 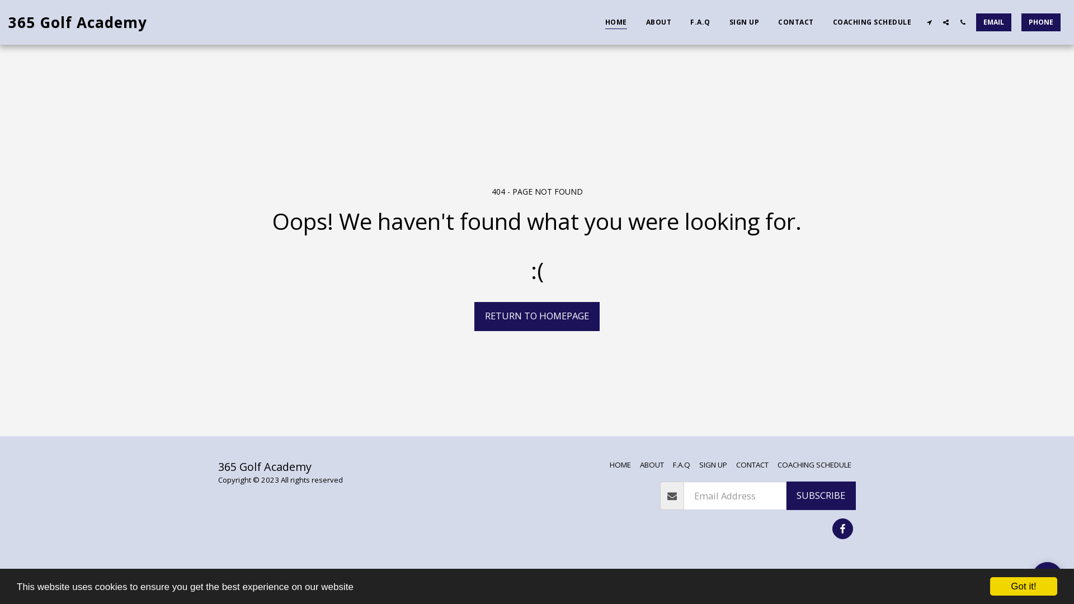 What do you see at coordinates (795, 21) in the screenshot?
I see `'CONTACT'` at bounding box center [795, 21].